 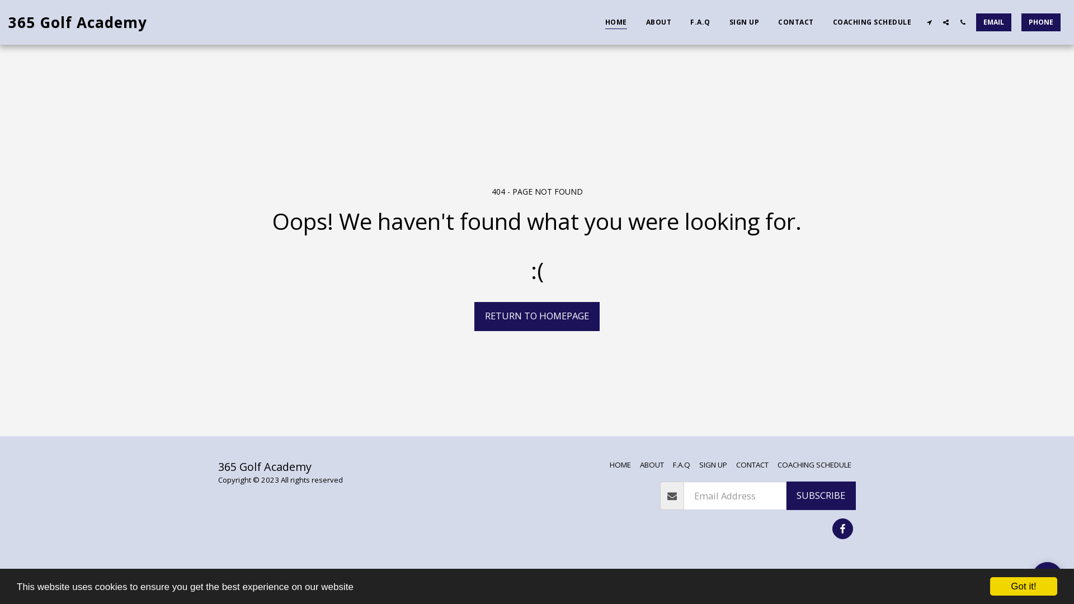 What do you see at coordinates (795, 21) in the screenshot?
I see `'CONTACT'` at bounding box center [795, 21].